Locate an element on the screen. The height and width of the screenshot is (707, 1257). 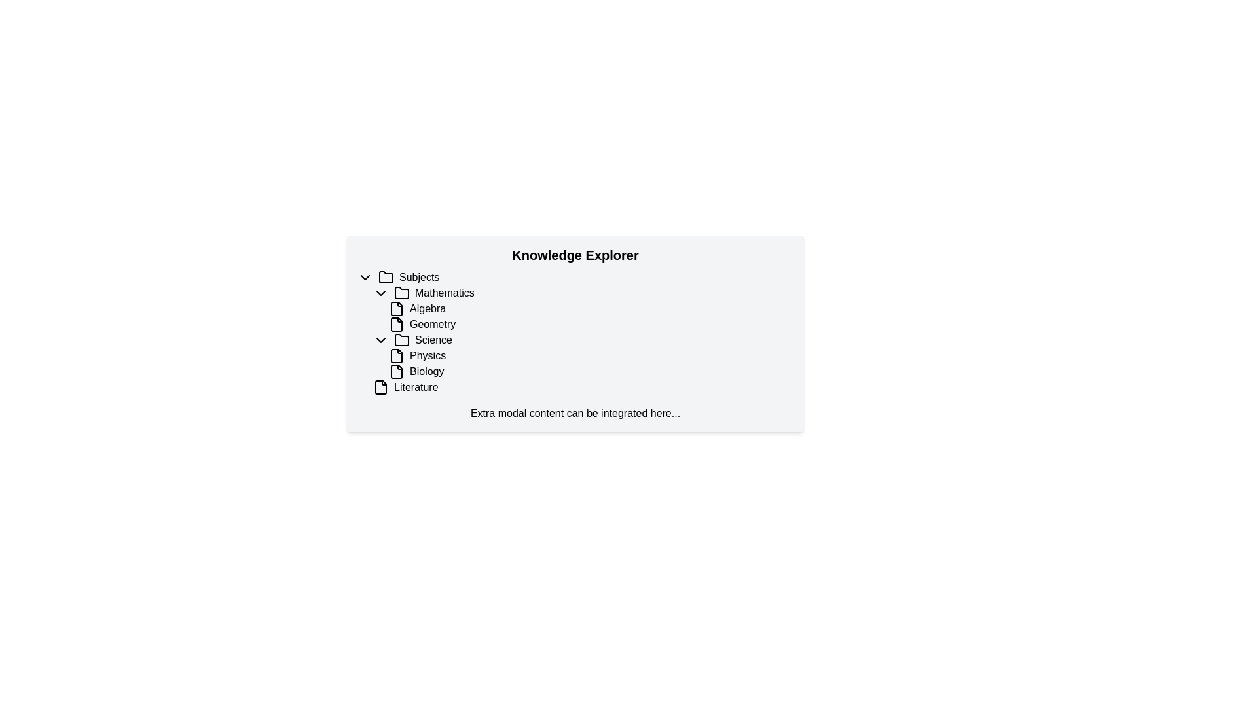
the small folder icon with rounded edges located to the left of the text reading 'Mathematics' is located at coordinates (401, 292).